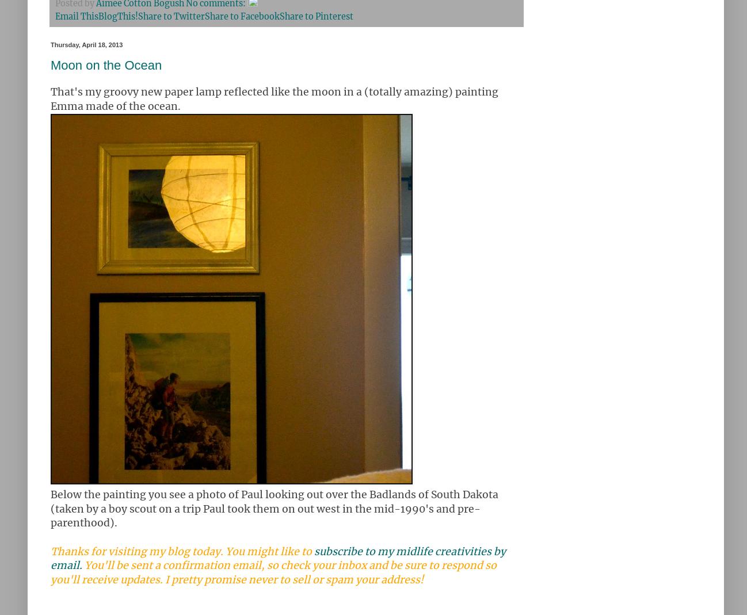  What do you see at coordinates (138, 16) in the screenshot?
I see `'Share to Twitter'` at bounding box center [138, 16].